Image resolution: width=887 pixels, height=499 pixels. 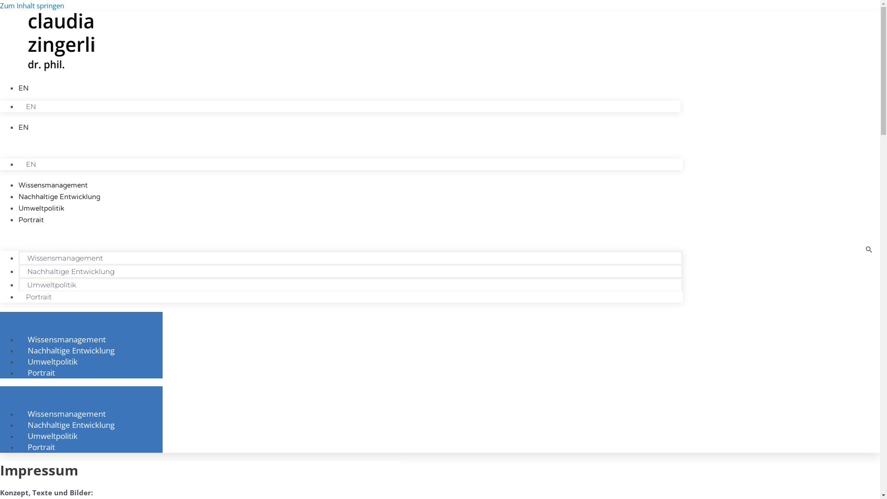 What do you see at coordinates (41, 372) in the screenshot?
I see `'Portrait'` at bounding box center [41, 372].